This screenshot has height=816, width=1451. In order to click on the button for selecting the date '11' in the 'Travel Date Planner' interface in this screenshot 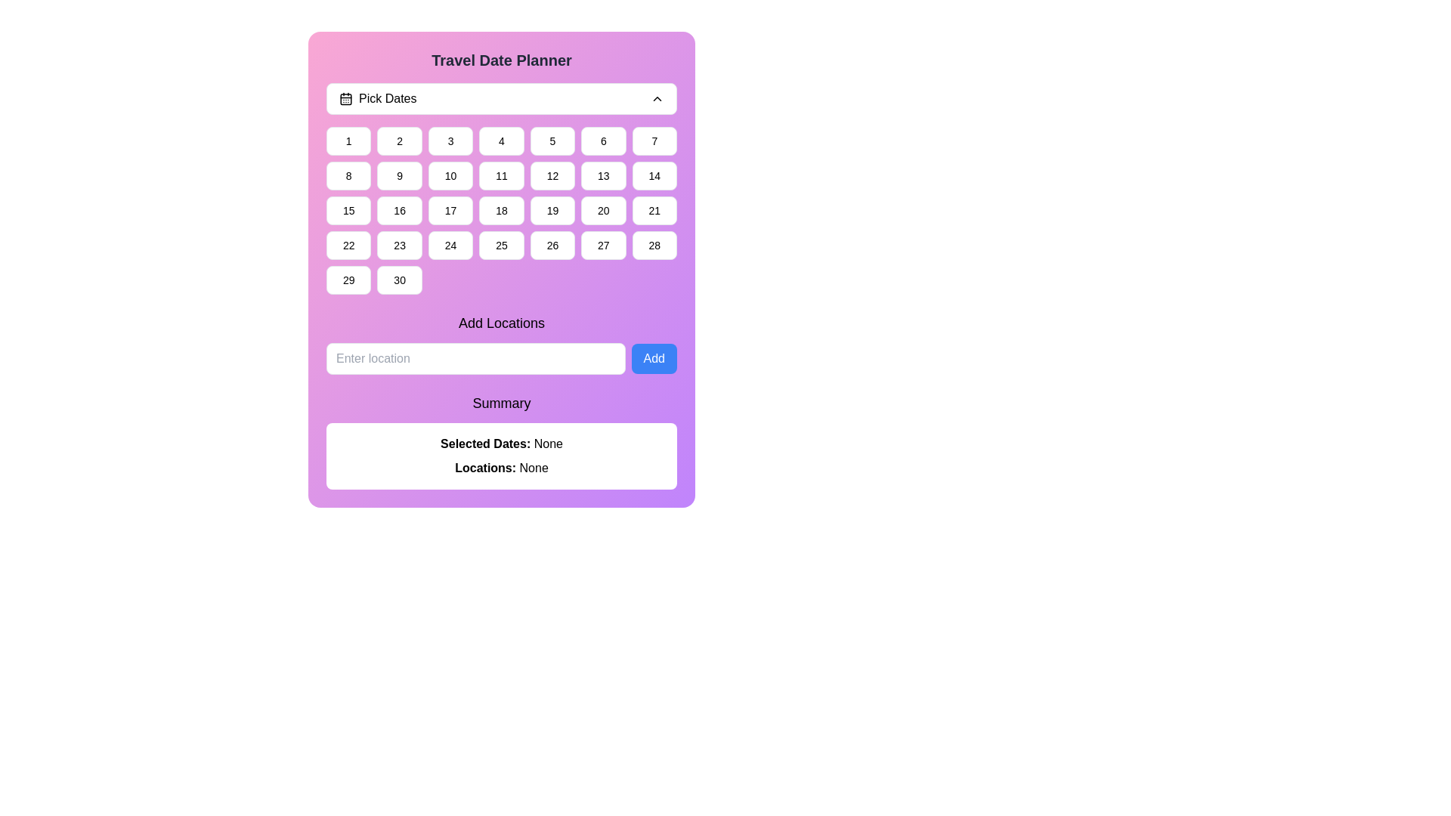, I will do `click(501, 175)`.